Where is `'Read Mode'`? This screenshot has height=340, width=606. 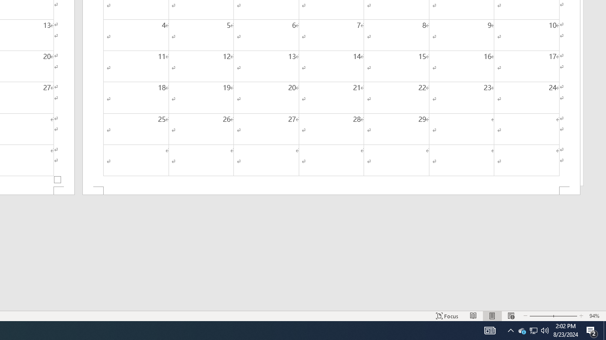 'Read Mode' is located at coordinates (473, 316).